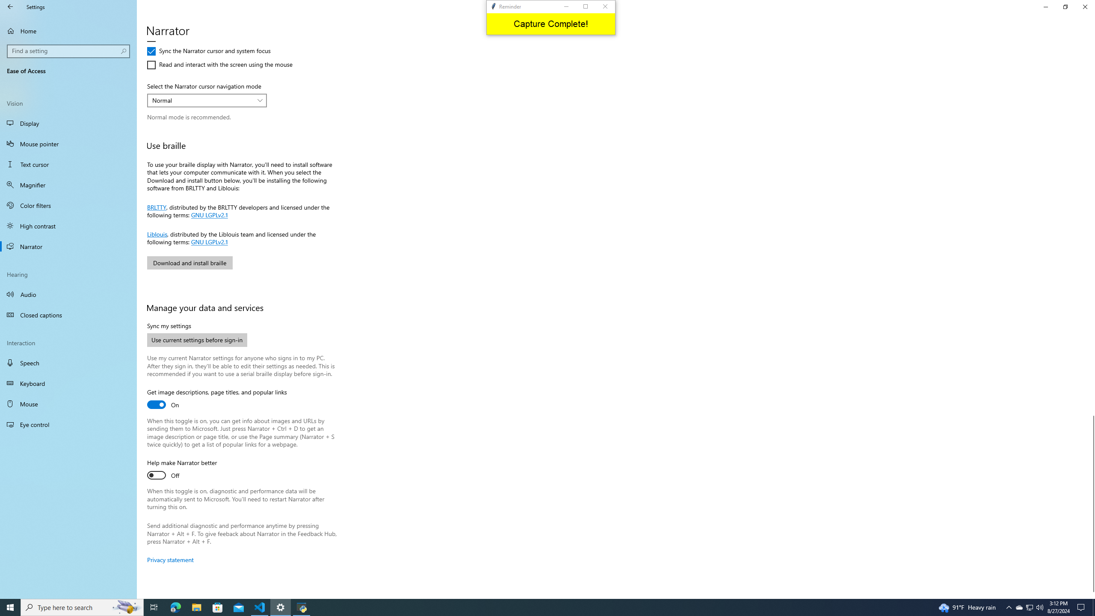 The height and width of the screenshot is (616, 1095). What do you see at coordinates (68, 163) in the screenshot?
I see `'Text cursor'` at bounding box center [68, 163].